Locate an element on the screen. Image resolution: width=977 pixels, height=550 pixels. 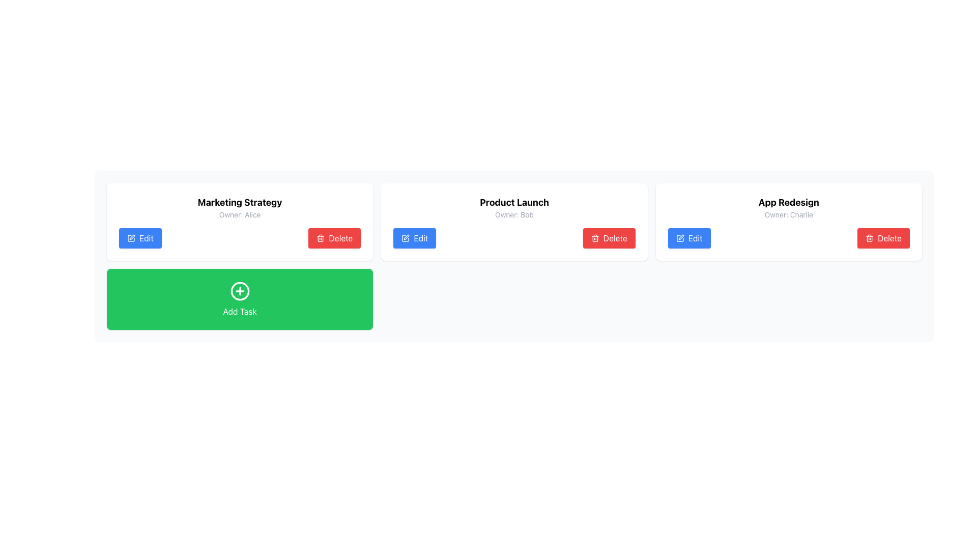
the text label that reads 'Marketing Strategy', which is styled with a bold and large font, positioned at the top center of a rectangular card is located at coordinates (239, 202).